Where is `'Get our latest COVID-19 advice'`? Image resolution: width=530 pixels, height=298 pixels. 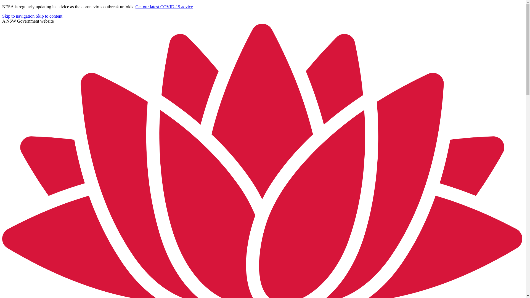 'Get our latest COVID-19 advice' is located at coordinates (164, 7).